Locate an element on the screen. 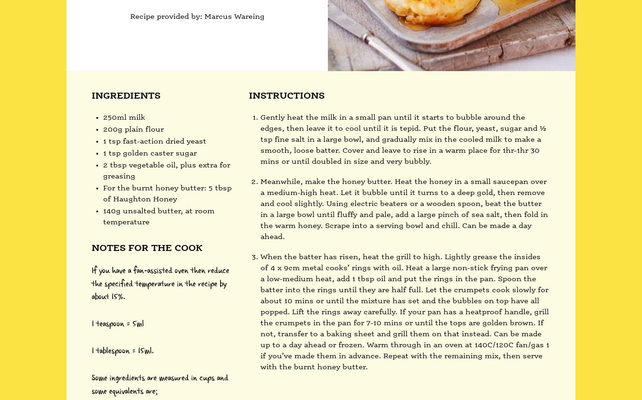  'Ingredients' is located at coordinates (126, 96).